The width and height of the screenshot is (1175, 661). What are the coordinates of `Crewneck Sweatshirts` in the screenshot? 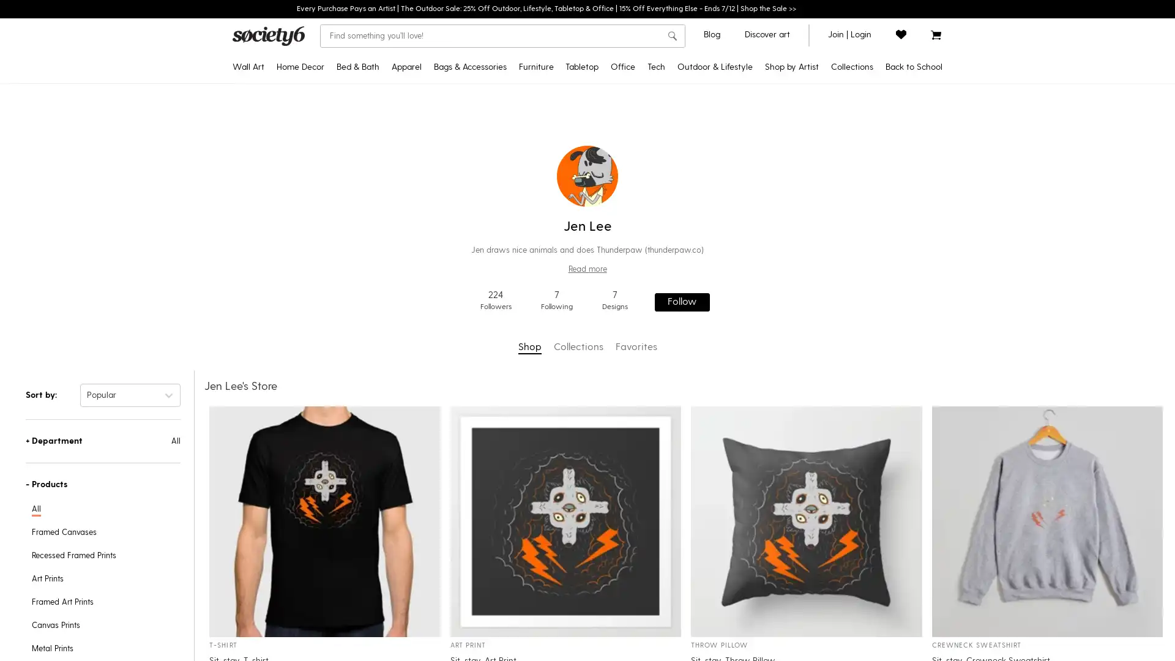 It's located at (444, 118).